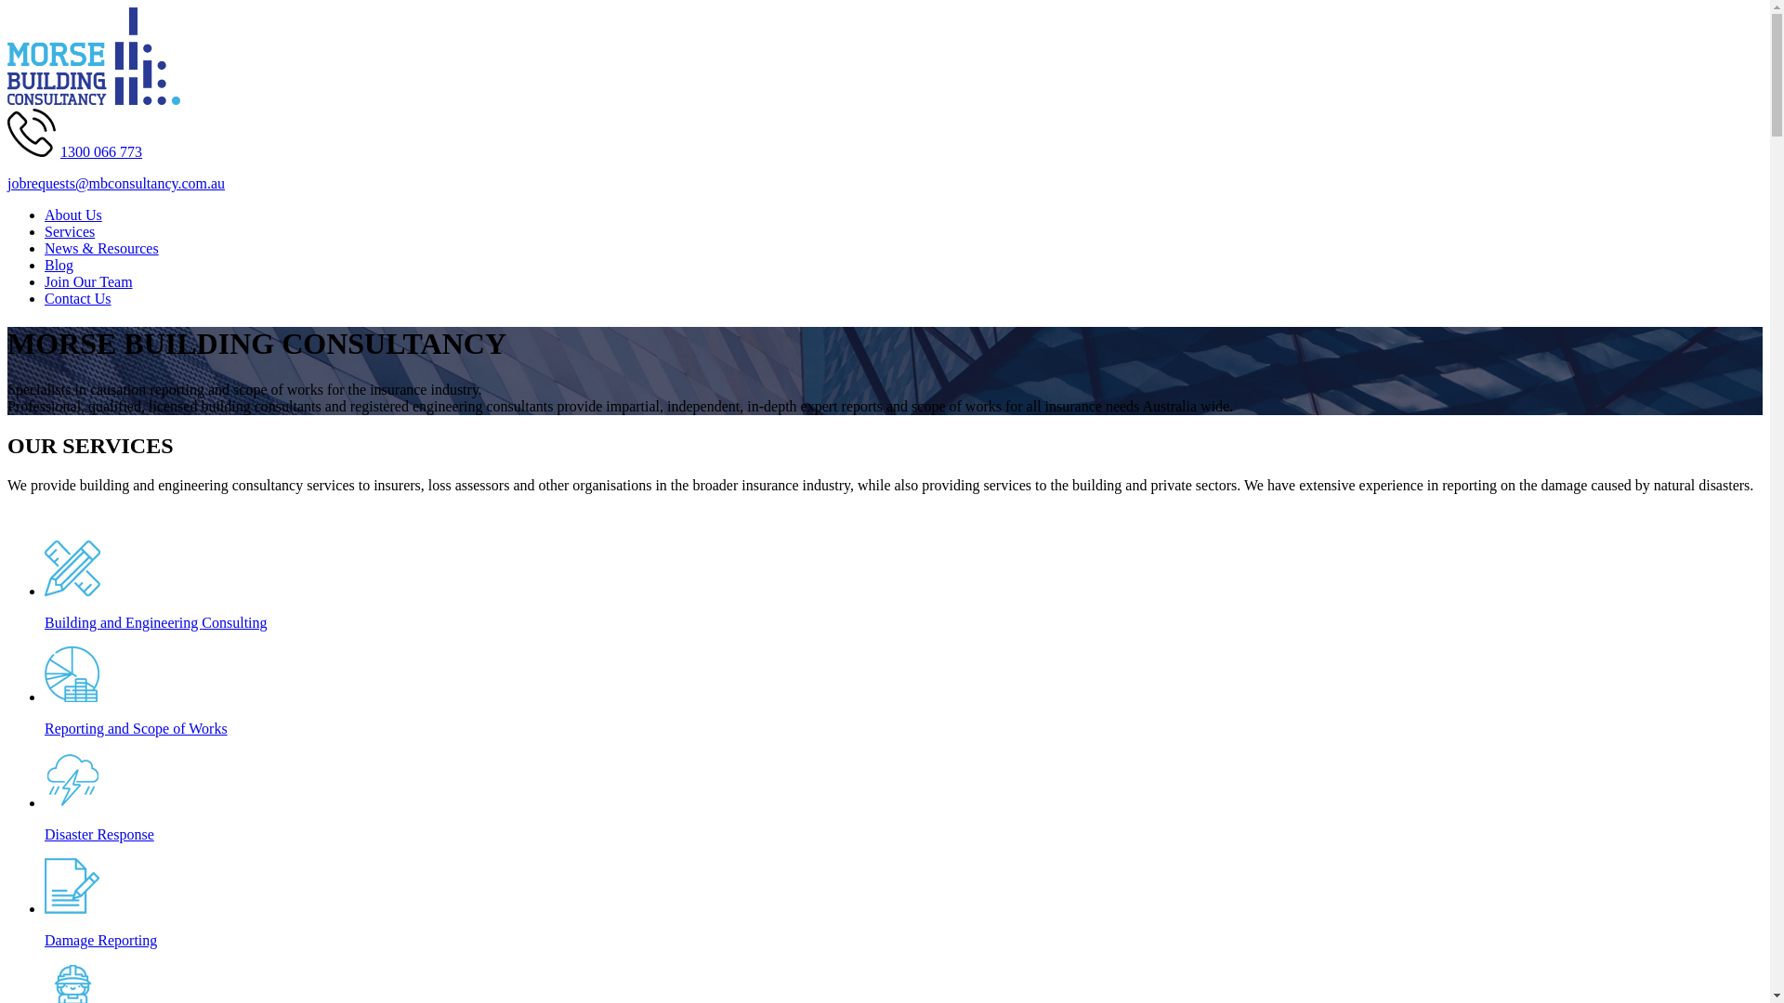 This screenshot has height=1003, width=1784. Describe the element at coordinates (45, 818) in the screenshot. I see `'Disaster Response'` at that location.